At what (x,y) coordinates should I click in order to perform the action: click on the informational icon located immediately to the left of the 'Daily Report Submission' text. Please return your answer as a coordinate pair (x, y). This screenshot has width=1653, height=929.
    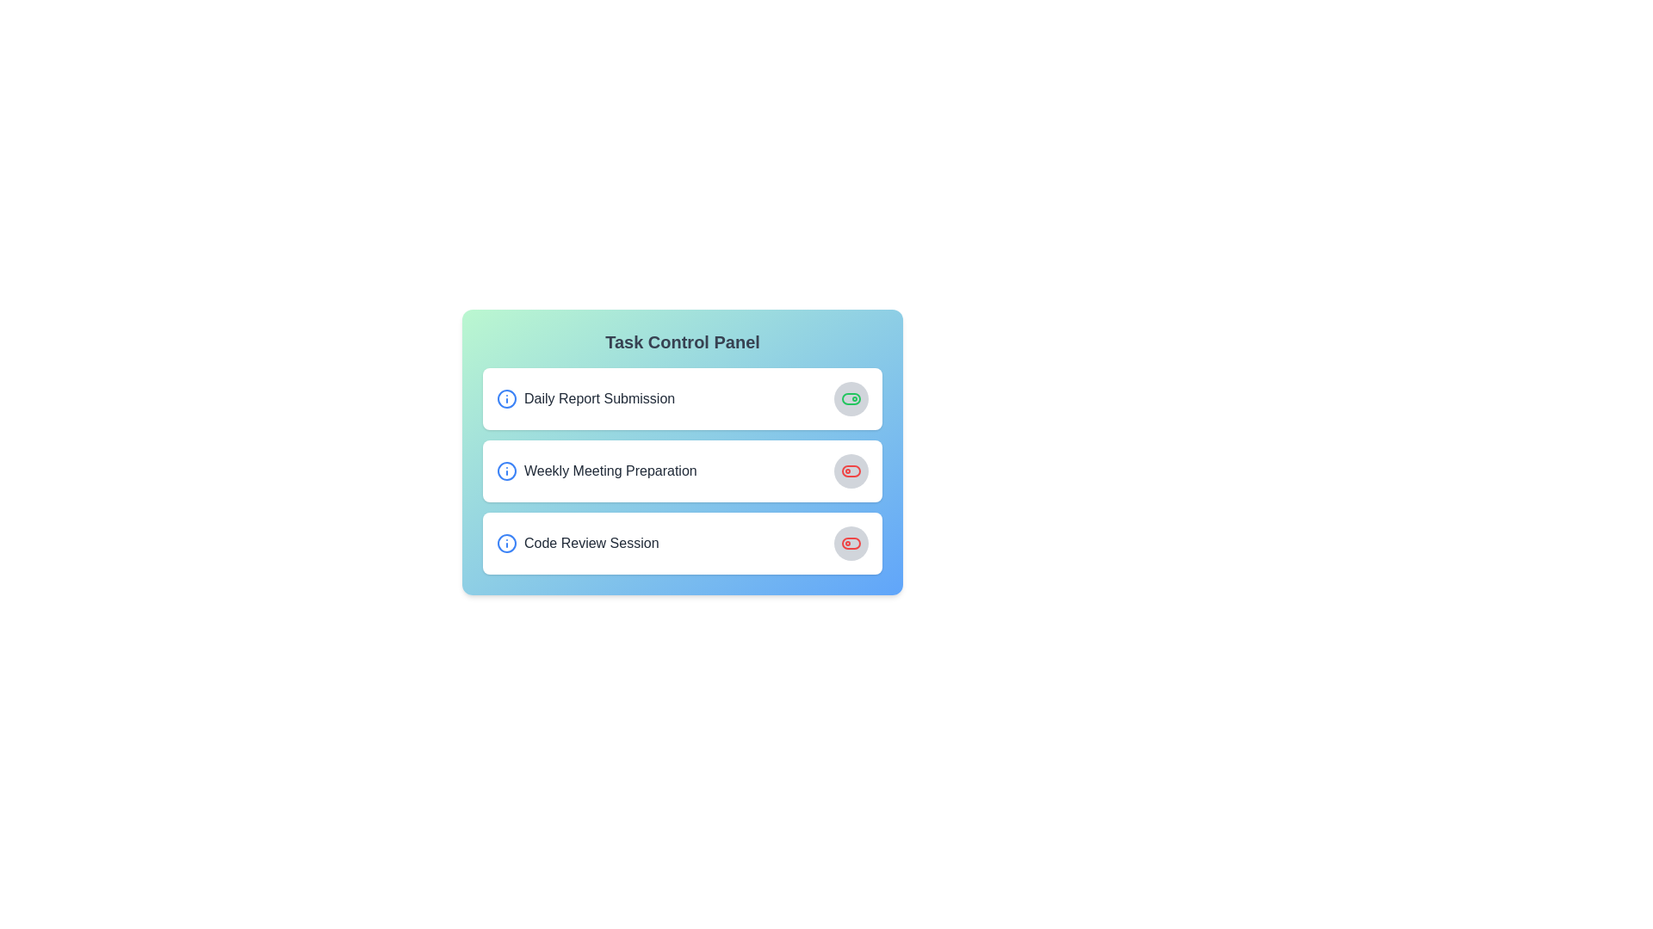
    Looking at the image, I should click on (506, 398).